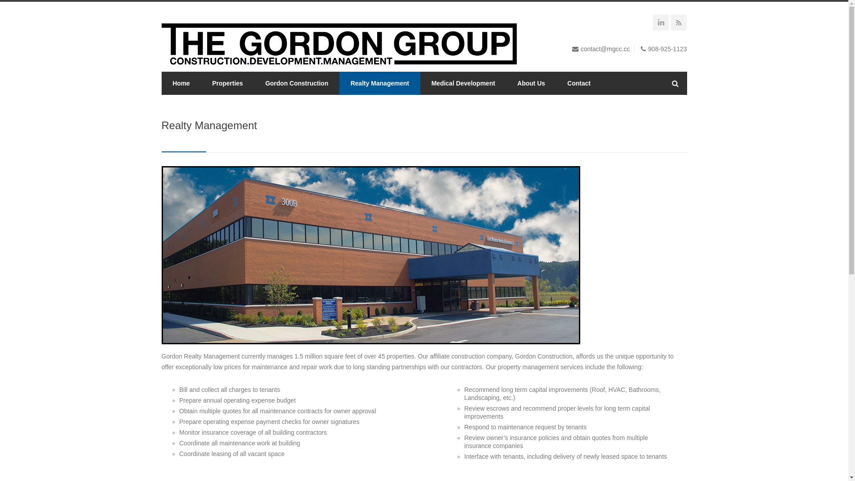 The image size is (855, 481). What do you see at coordinates (662, 23) in the screenshot?
I see `'LinkedIN'` at bounding box center [662, 23].